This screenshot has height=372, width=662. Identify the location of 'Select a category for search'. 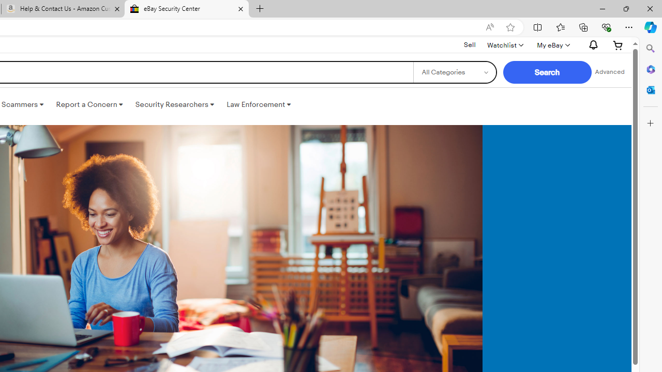
(454, 72).